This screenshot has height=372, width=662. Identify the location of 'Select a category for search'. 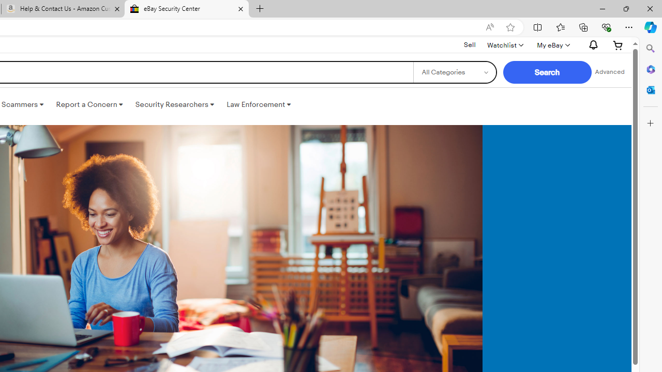
(454, 72).